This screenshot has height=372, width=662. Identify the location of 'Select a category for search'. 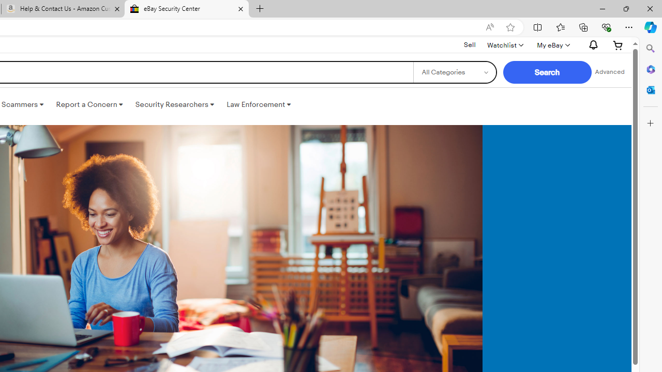
(454, 72).